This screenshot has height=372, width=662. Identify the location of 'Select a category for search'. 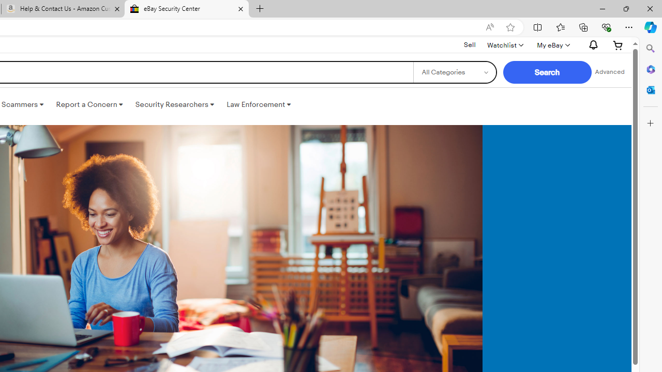
(454, 72).